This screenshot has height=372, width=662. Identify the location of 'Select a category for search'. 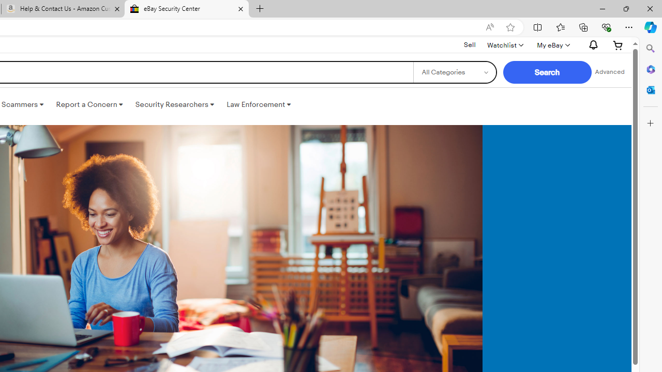
(454, 72).